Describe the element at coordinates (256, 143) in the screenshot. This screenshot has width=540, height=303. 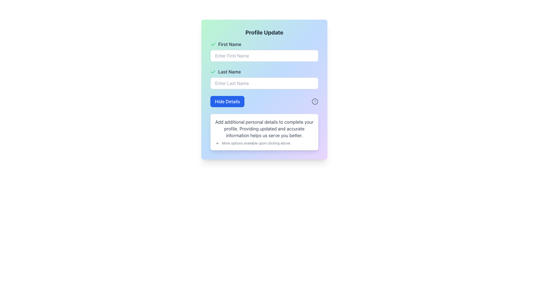
I see `the Text label that provides guidance about accessing further options through the collapsible control above` at that location.